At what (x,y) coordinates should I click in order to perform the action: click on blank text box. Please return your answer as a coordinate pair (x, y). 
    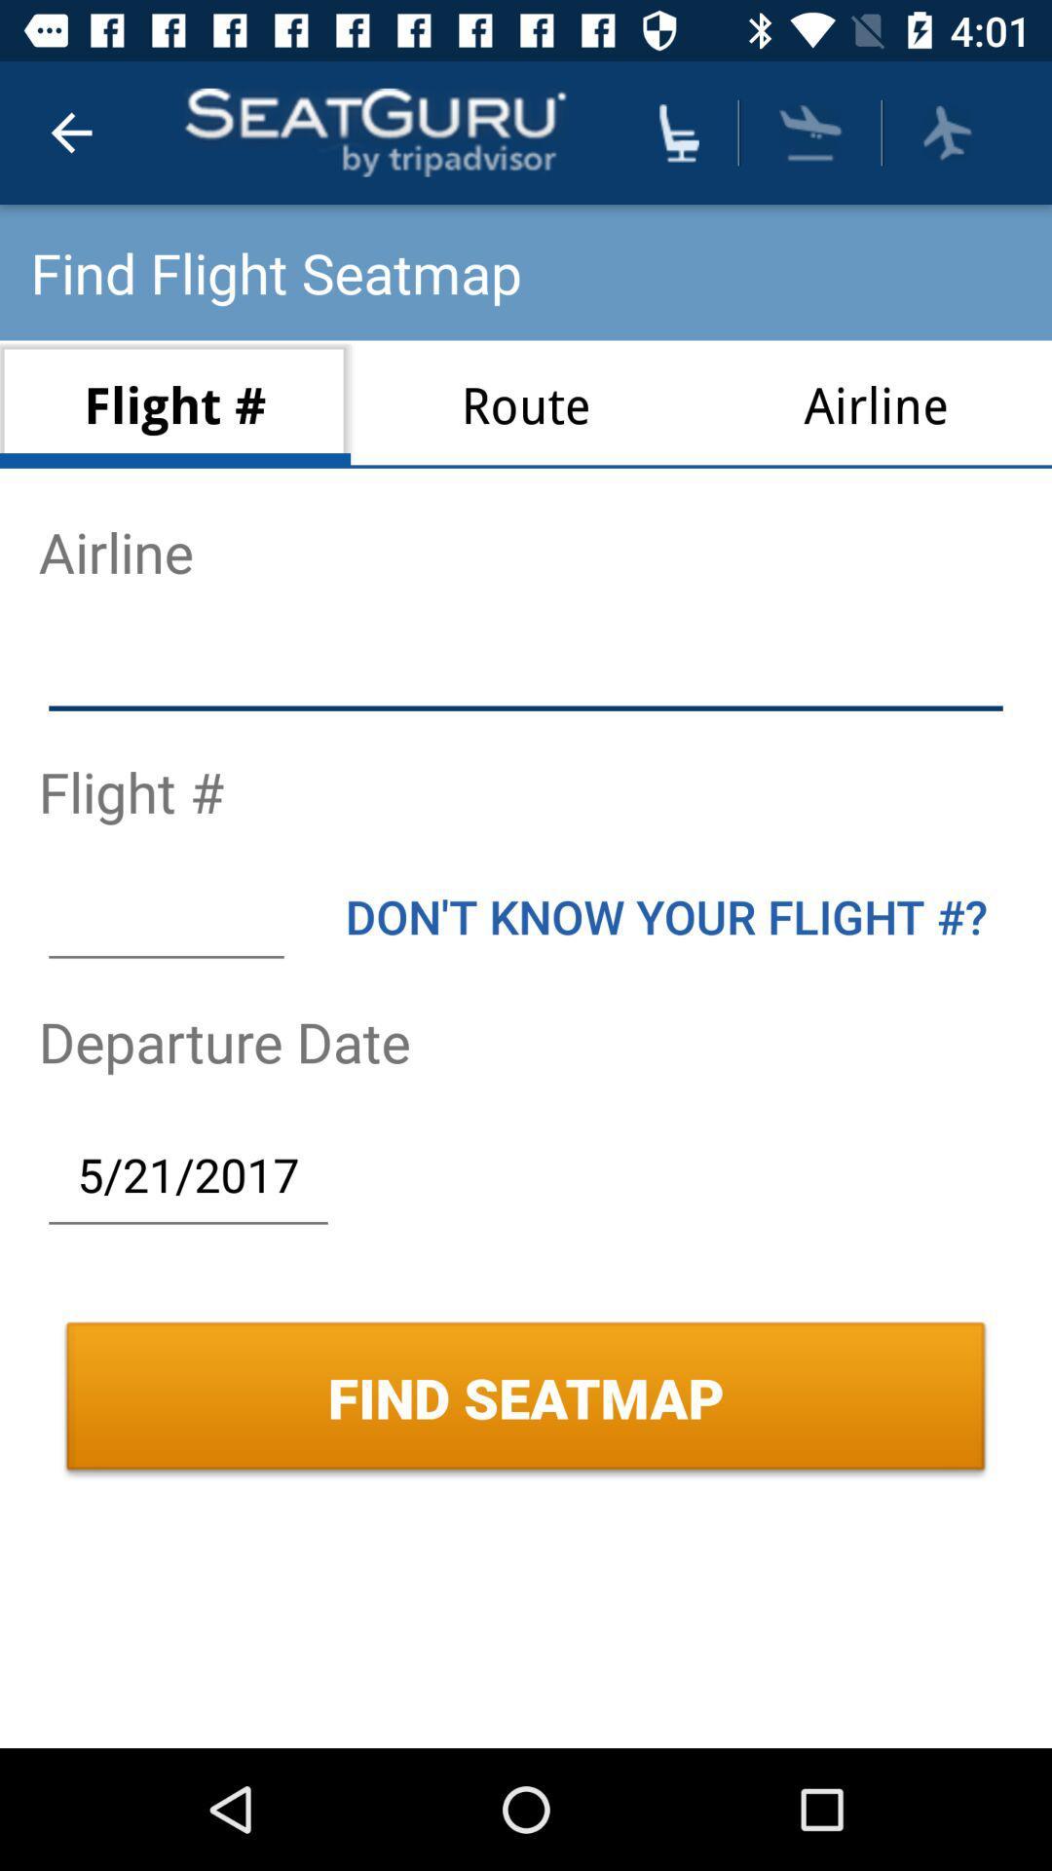
    Looking at the image, I should click on (165, 915).